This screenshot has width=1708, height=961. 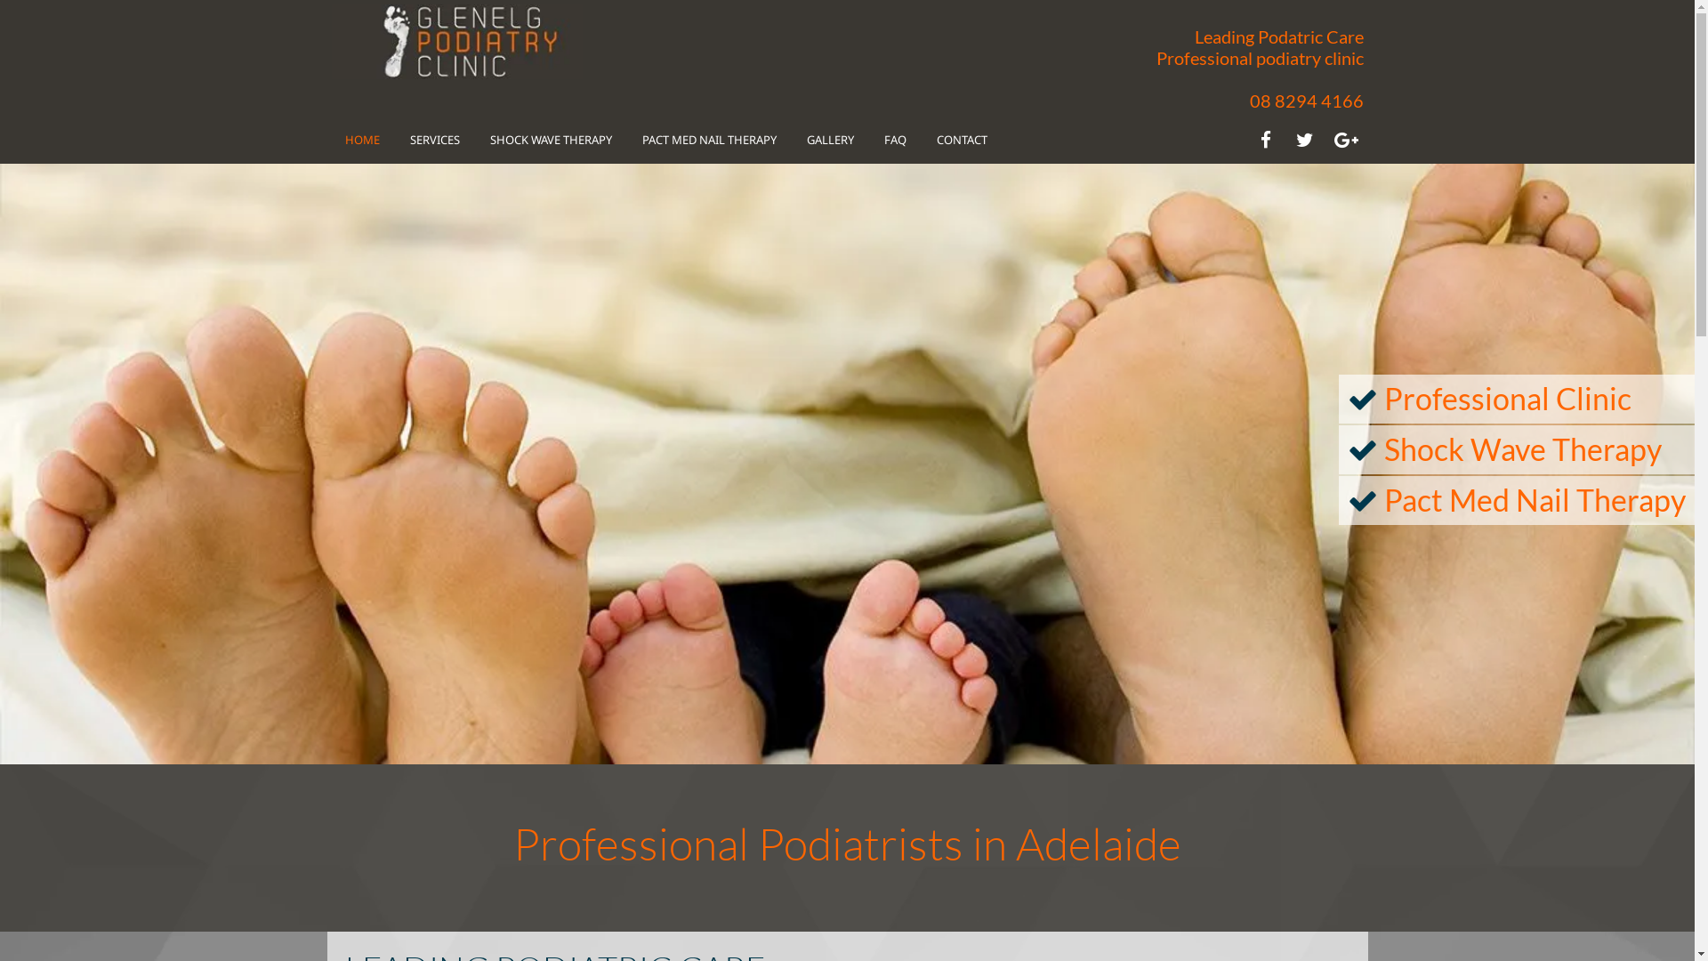 I want to click on 'Pact Med Nail Therapy', so click(x=1534, y=499).